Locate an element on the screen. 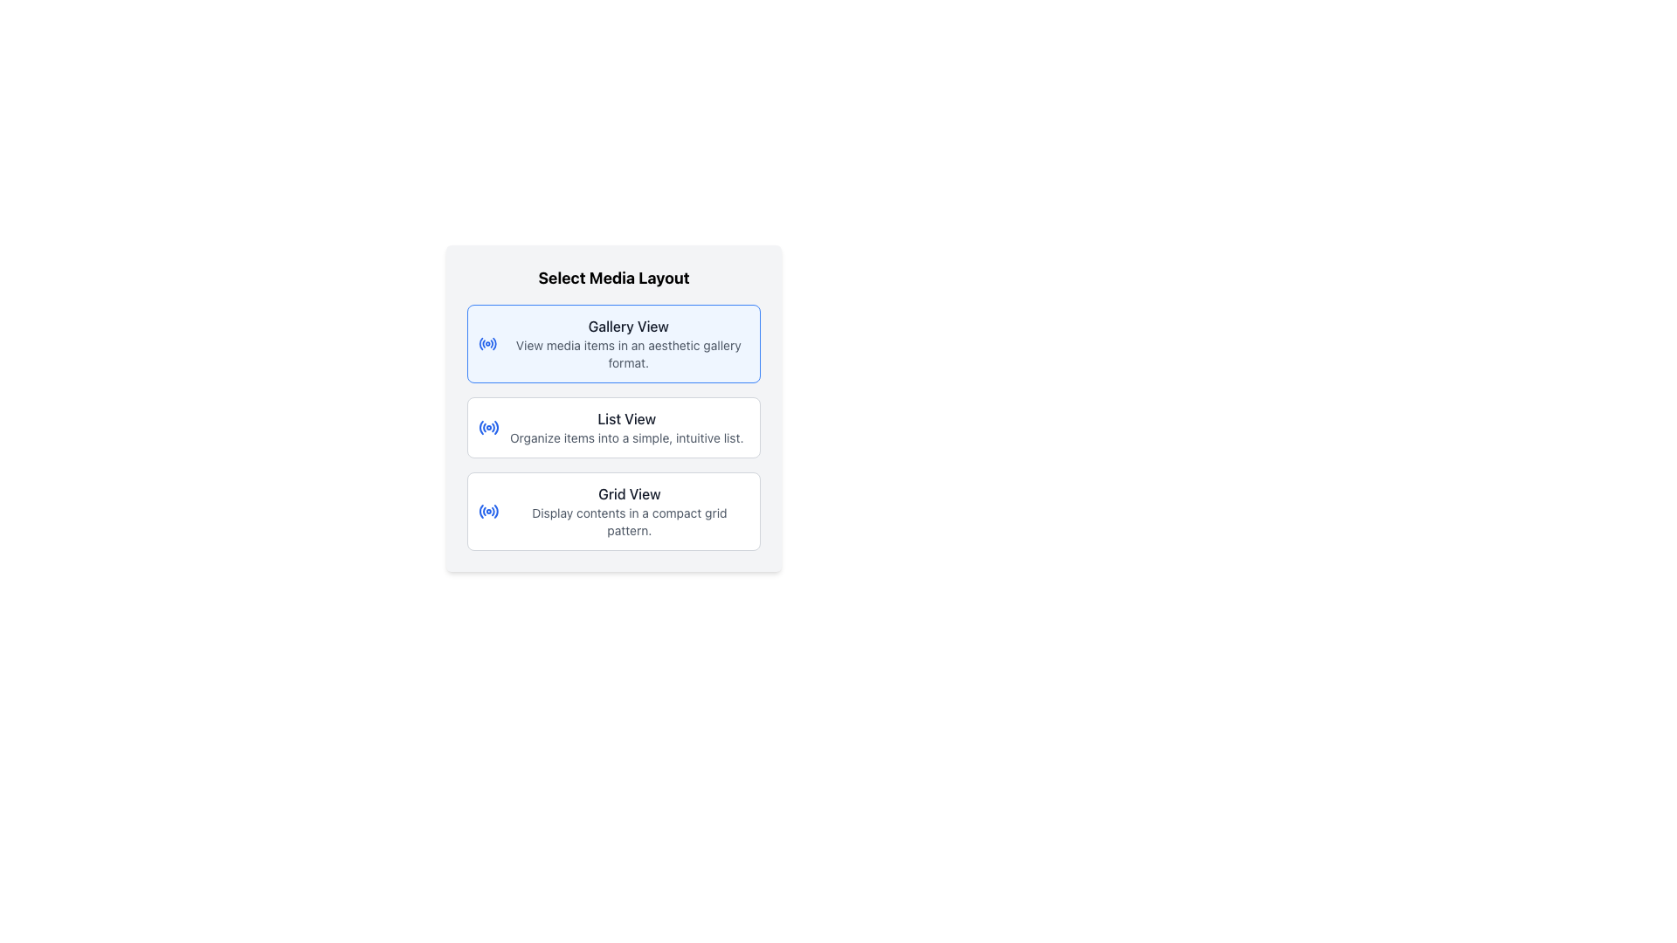  the radio icon is located at coordinates (489, 427).